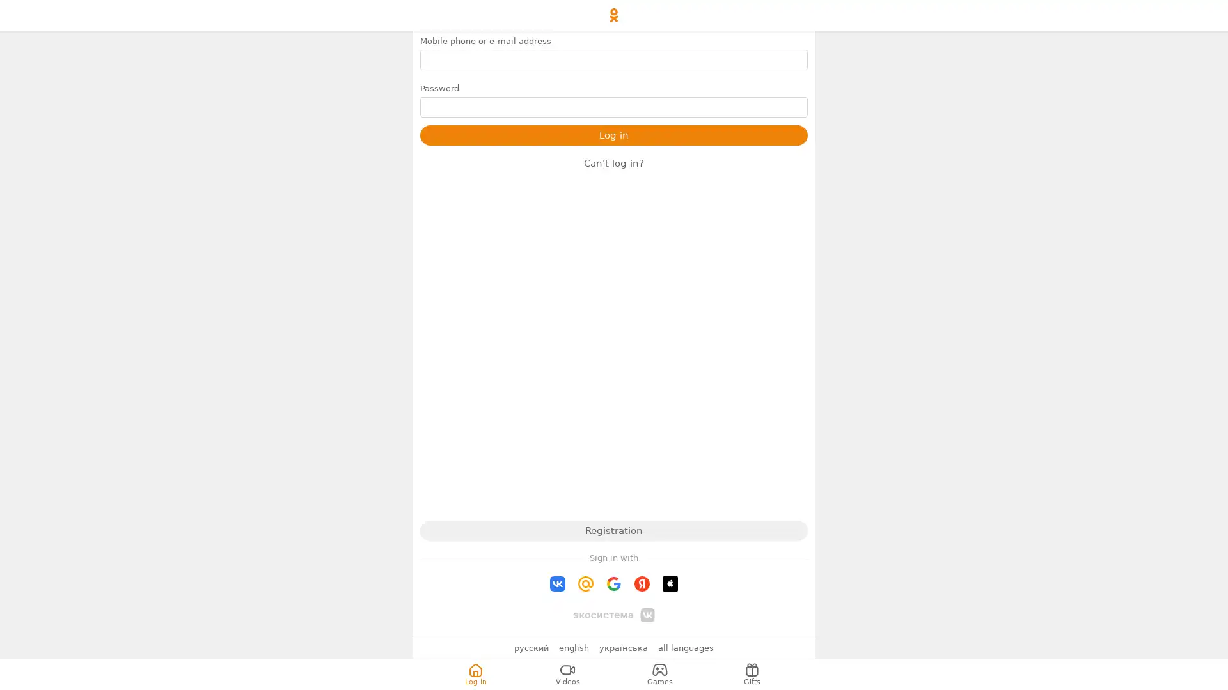 The height and width of the screenshot is (690, 1228). Describe the element at coordinates (614, 135) in the screenshot. I see `Log in` at that location.